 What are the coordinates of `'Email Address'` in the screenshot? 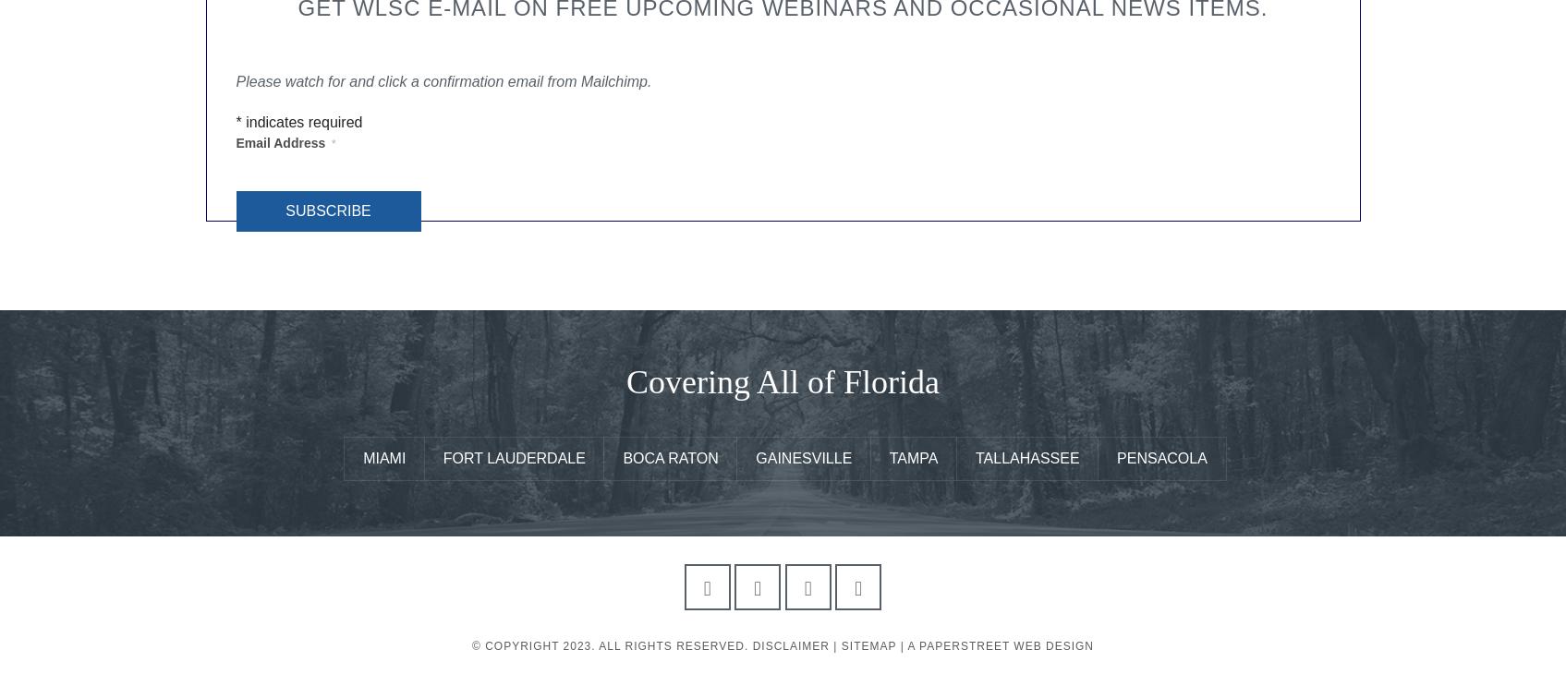 It's located at (234, 141).